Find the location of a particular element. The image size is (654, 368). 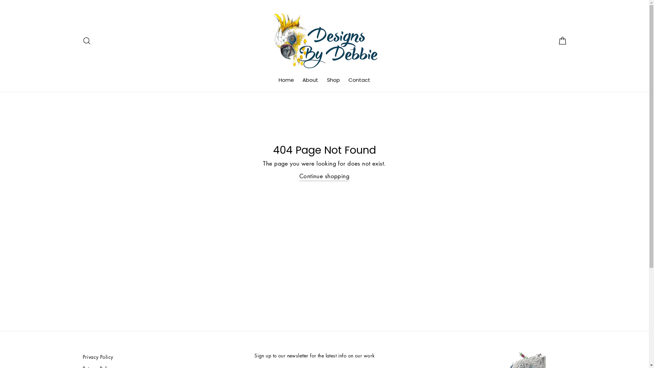

'Cart' is located at coordinates (554, 41).